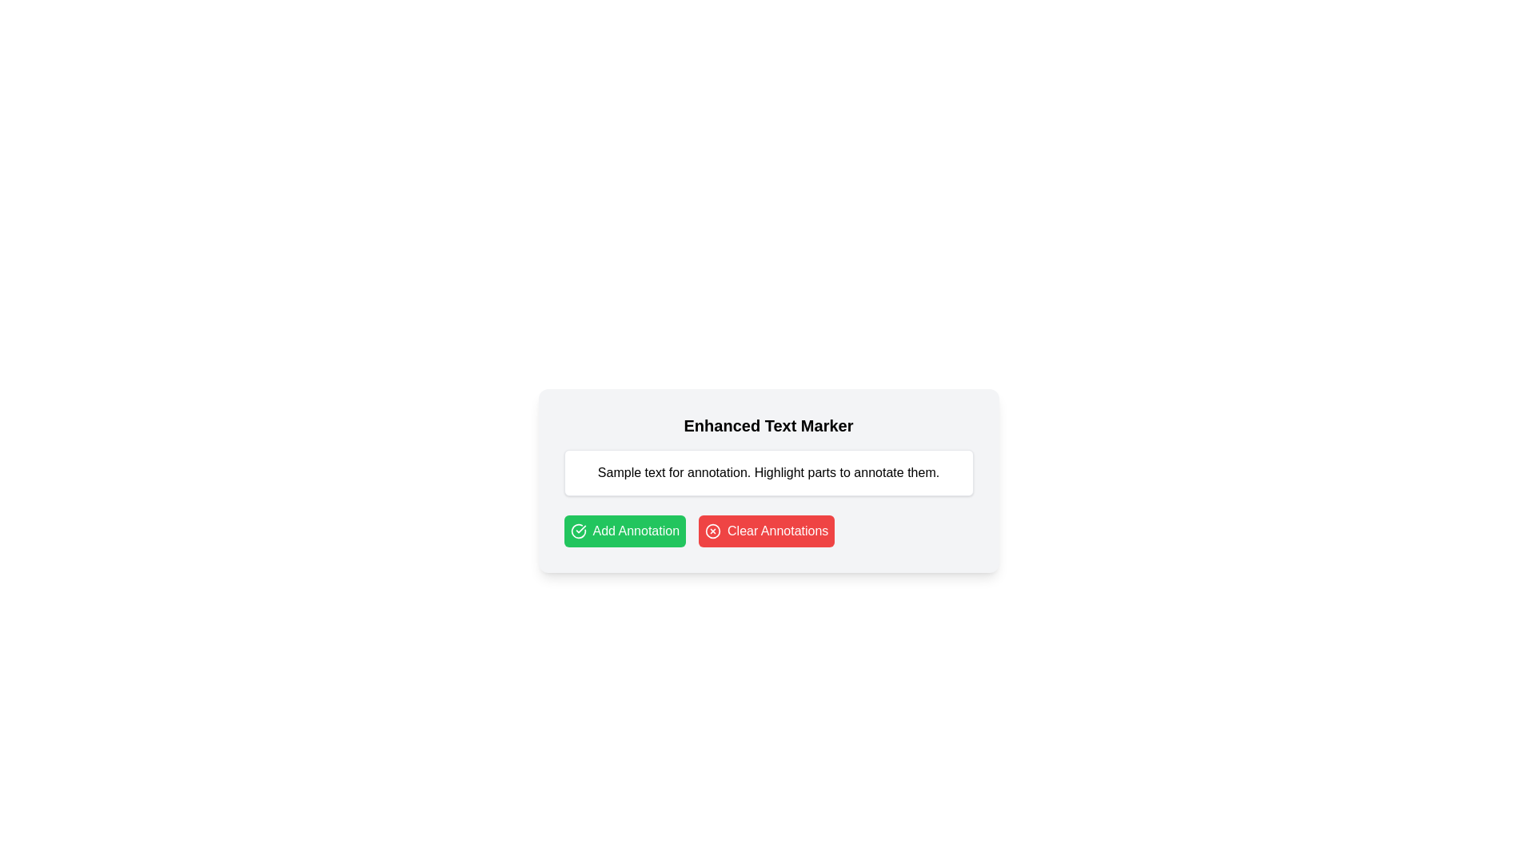 The height and width of the screenshot is (863, 1535). I want to click on the letter 'm' which is displayed in black color as part of a text string within a text box, positioned near the end of the string following 'them.', so click(931, 471).